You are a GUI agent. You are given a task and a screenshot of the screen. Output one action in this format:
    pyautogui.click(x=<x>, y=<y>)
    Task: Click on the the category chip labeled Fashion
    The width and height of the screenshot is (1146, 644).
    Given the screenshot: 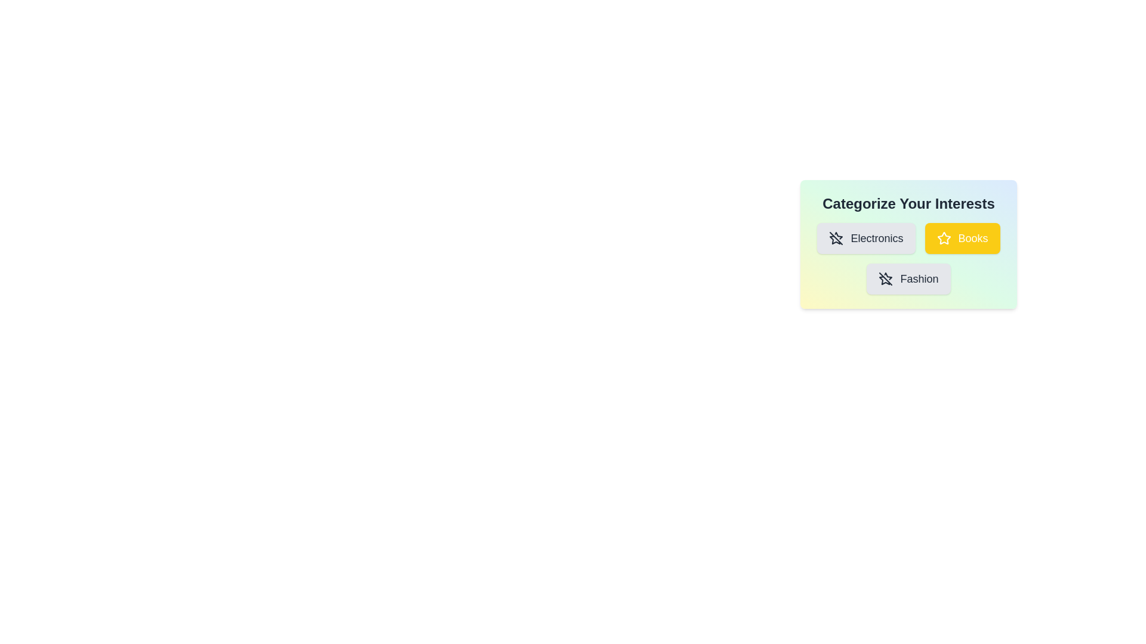 What is the action you would take?
    pyautogui.click(x=907, y=278)
    